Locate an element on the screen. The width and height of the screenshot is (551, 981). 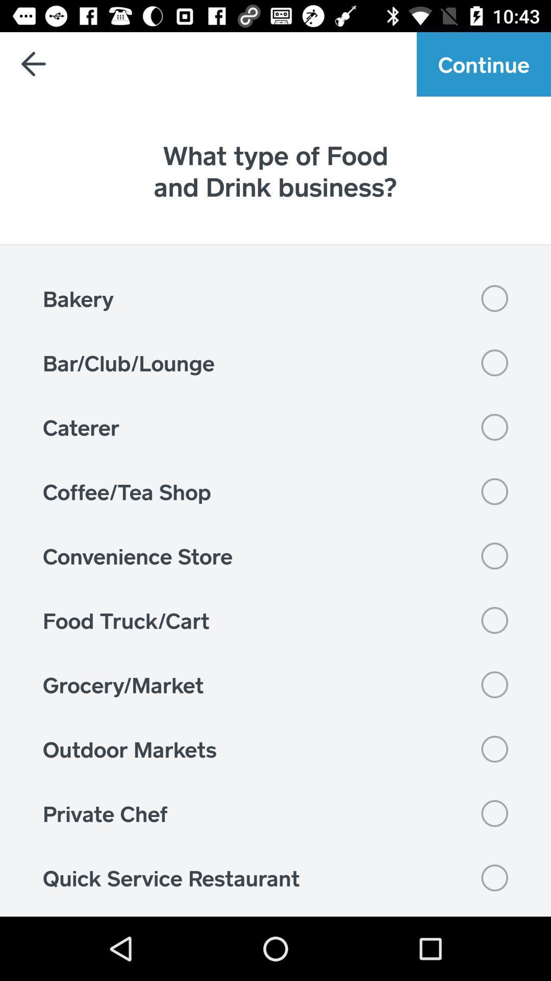
food truck/cart is located at coordinates (275, 620).